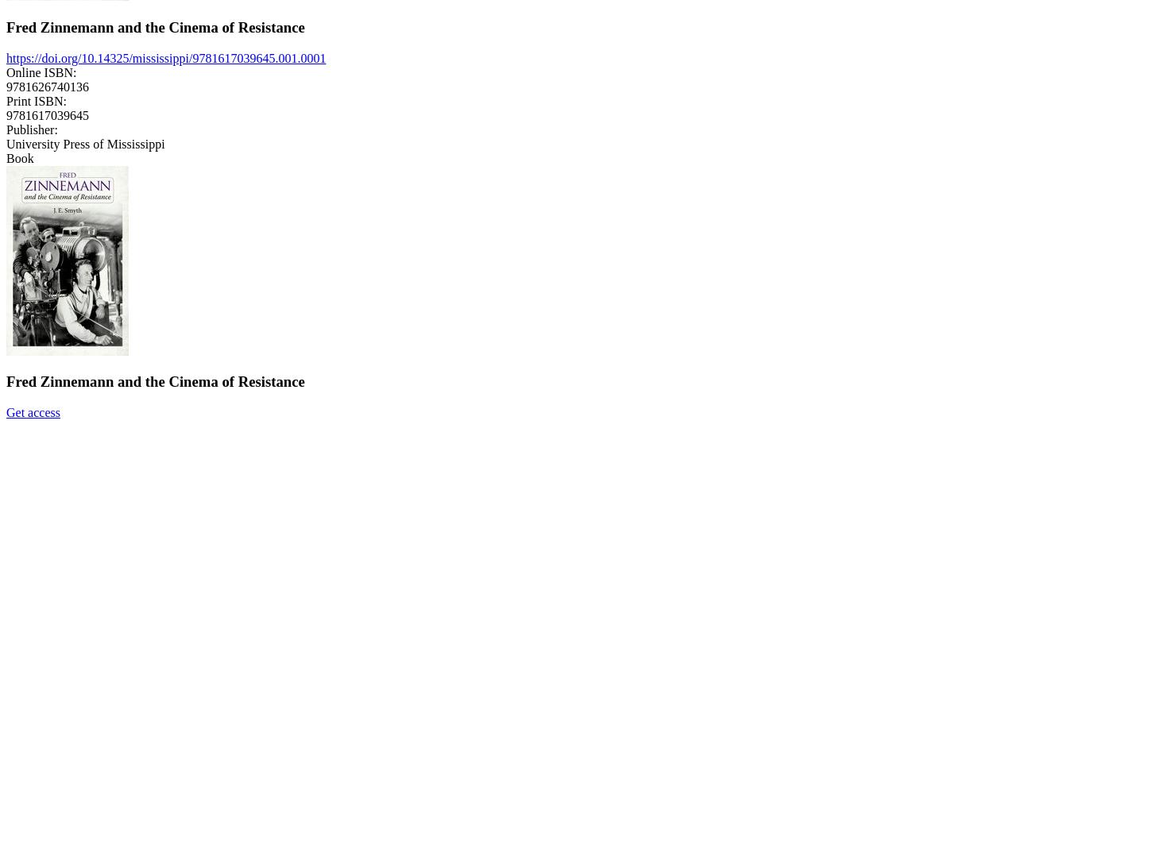 This screenshot has width=1152, height=845. Describe the element at coordinates (48, 86) in the screenshot. I see `'9781626740136'` at that location.